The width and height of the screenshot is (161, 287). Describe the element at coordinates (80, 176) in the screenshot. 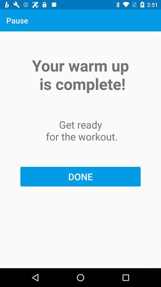

I see `the done item` at that location.